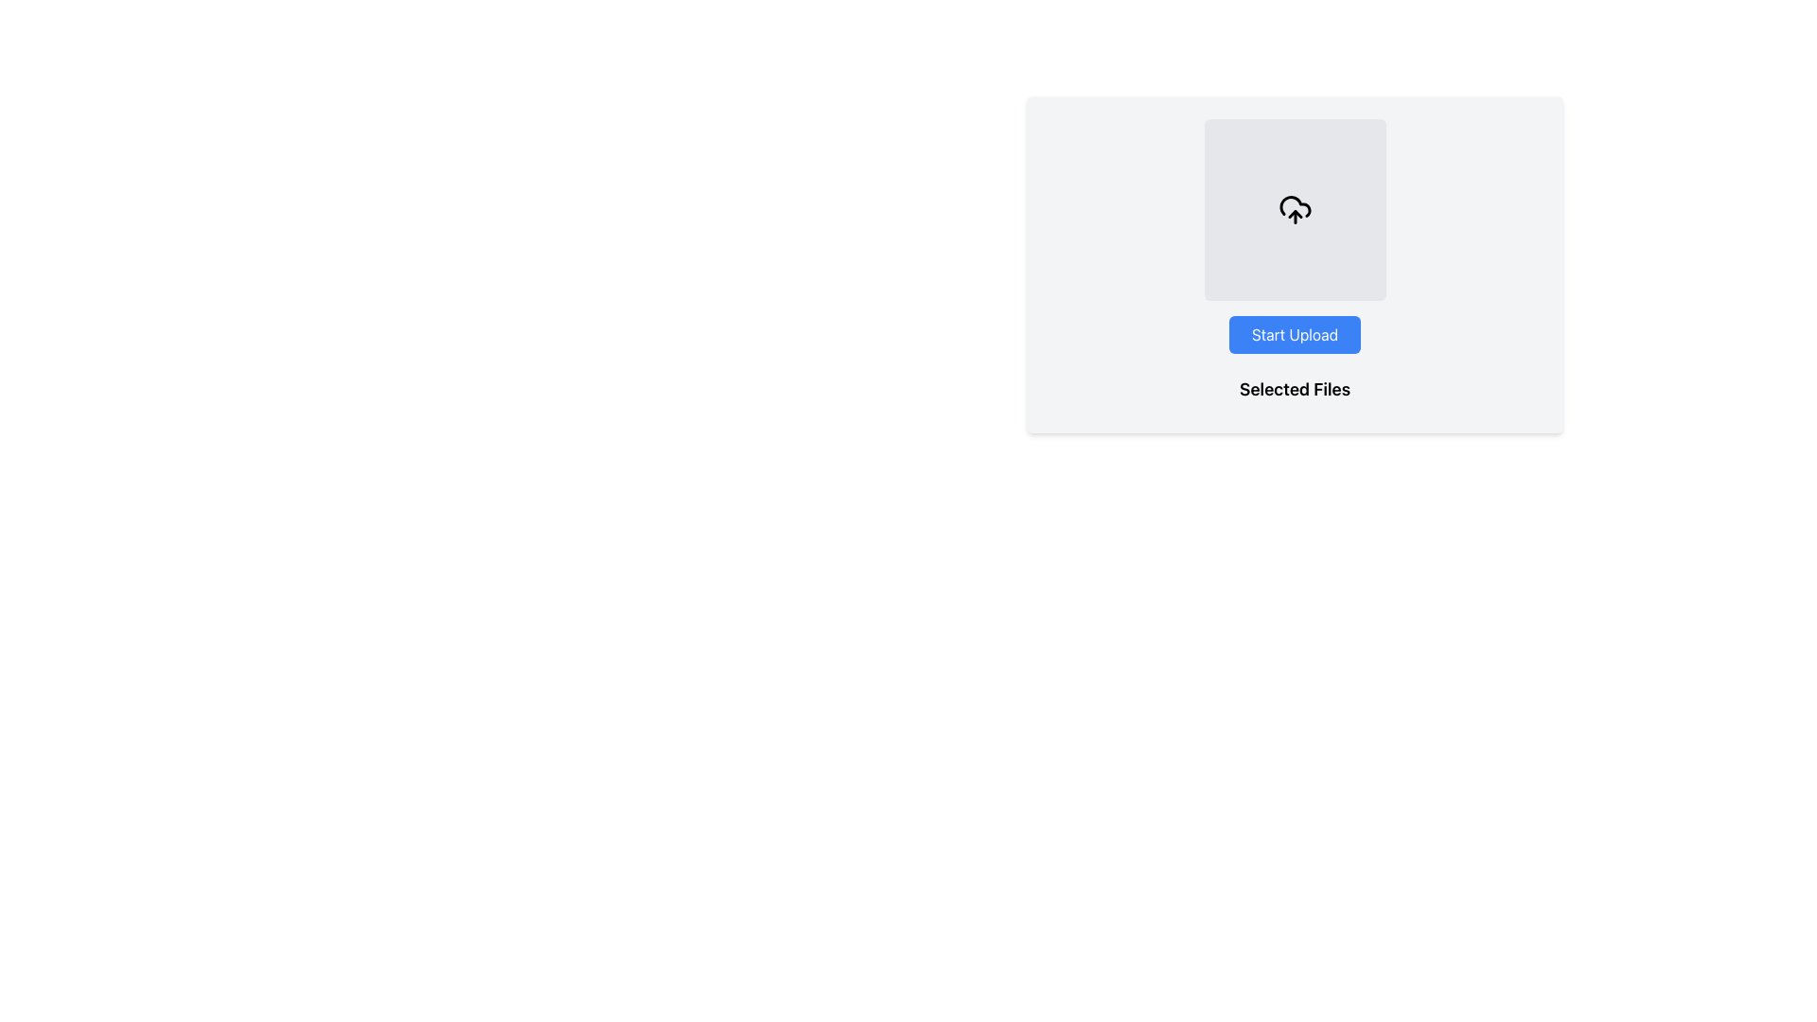 The width and height of the screenshot is (1817, 1022). I want to click on the upload icon located at the center of the light gray square section at the top part of the upload interface to receive additional feedback, so click(1294, 210).